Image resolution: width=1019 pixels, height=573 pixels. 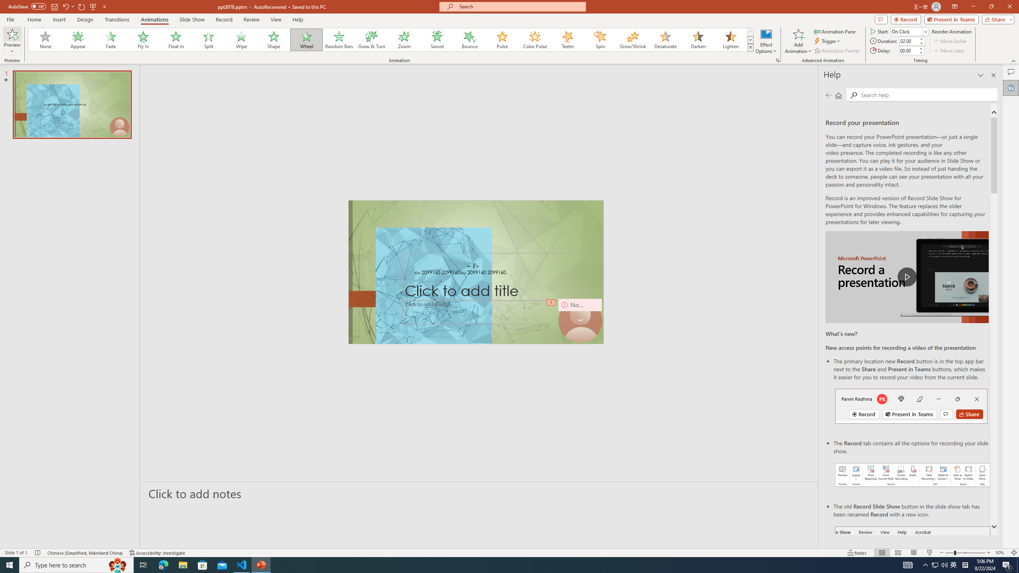 What do you see at coordinates (579, 320) in the screenshot?
I see `'Camera 9, No camera detected.'` at bounding box center [579, 320].